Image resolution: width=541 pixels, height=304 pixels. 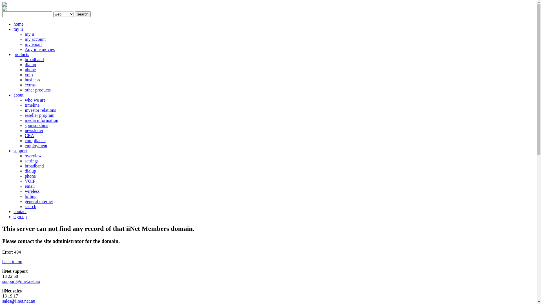 What do you see at coordinates (30, 196) in the screenshot?
I see `'billing'` at bounding box center [30, 196].